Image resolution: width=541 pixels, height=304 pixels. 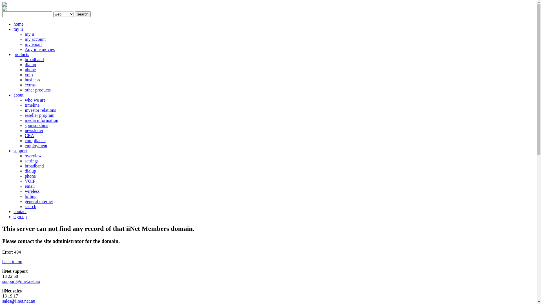 What do you see at coordinates (30, 196) in the screenshot?
I see `'billing'` at bounding box center [30, 196].